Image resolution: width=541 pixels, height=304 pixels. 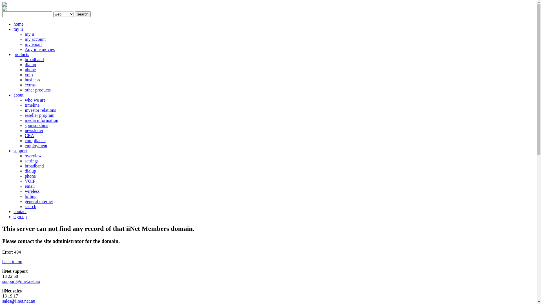 What do you see at coordinates (30, 196) in the screenshot?
I see `'billing'` at bounding box center [30, 196].